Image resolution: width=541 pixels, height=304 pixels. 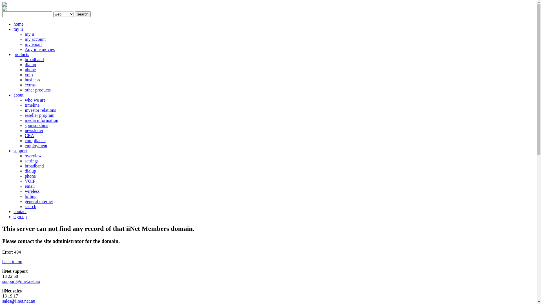 What do you see at coordinates (30, 196) in the screenshot?
I see `'billing'` at bounding box center [30, 196].